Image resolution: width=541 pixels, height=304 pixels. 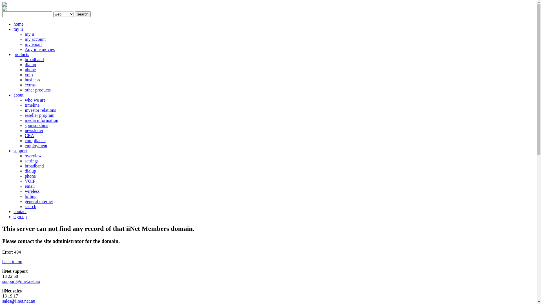 What do you see at coordinates (30, 196) in the screenshot?
I see `'billing'` at bounding box center [30, 196].